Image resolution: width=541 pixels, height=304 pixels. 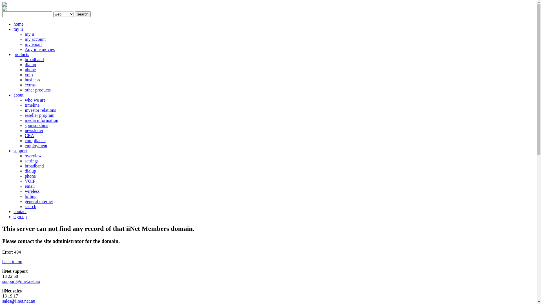 What do you see at coordinates (30, 196) in the screenshot?
I see `'billing'` at bounding box center [30, 196].